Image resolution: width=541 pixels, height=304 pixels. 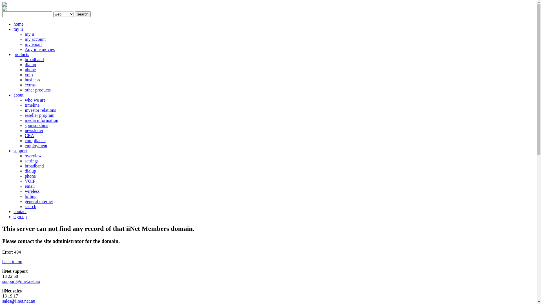 What do you see at coordinates (30, 196) in the screenshot?
I see `'billing'` at bounding box center [30, 196].